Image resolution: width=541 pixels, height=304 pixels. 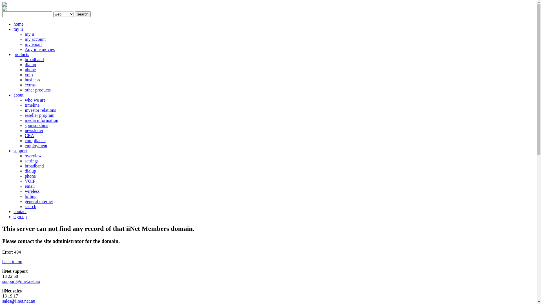 What do you see at coordinates (30, 196) in the screenshot?
I see `'billing'` at bounding box center [30, 196].